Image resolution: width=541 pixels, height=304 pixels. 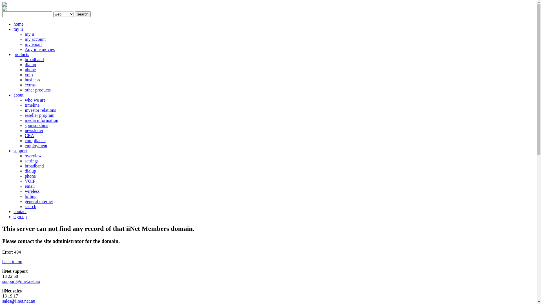 What do you see at coordinates (30, 196) in the screenshot?
I see `'billing'` at bounding box center [30, 196].